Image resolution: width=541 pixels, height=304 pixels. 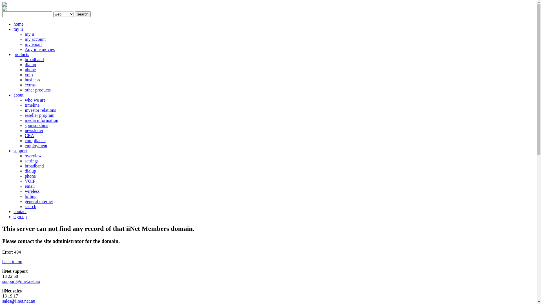 What do you see at coordinates (30, 196) in the screenshot?
I see `'billing'` at bounding box center [30, 196].